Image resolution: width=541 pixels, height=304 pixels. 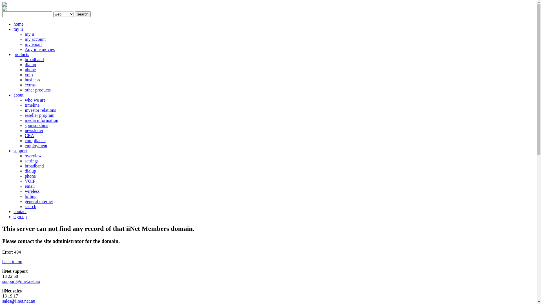 What do you see at coordinates (30, 196) in the screenshot?
I see `'billing'` at bounding box center [30, 196].